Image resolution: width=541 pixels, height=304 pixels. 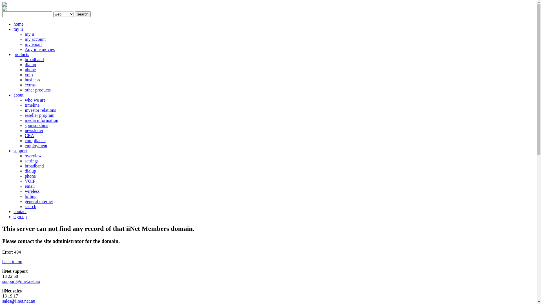 What do you see at coordinates (30, 196) in the screenshot?
I see `'billing'` at bounding box center [30, 196].